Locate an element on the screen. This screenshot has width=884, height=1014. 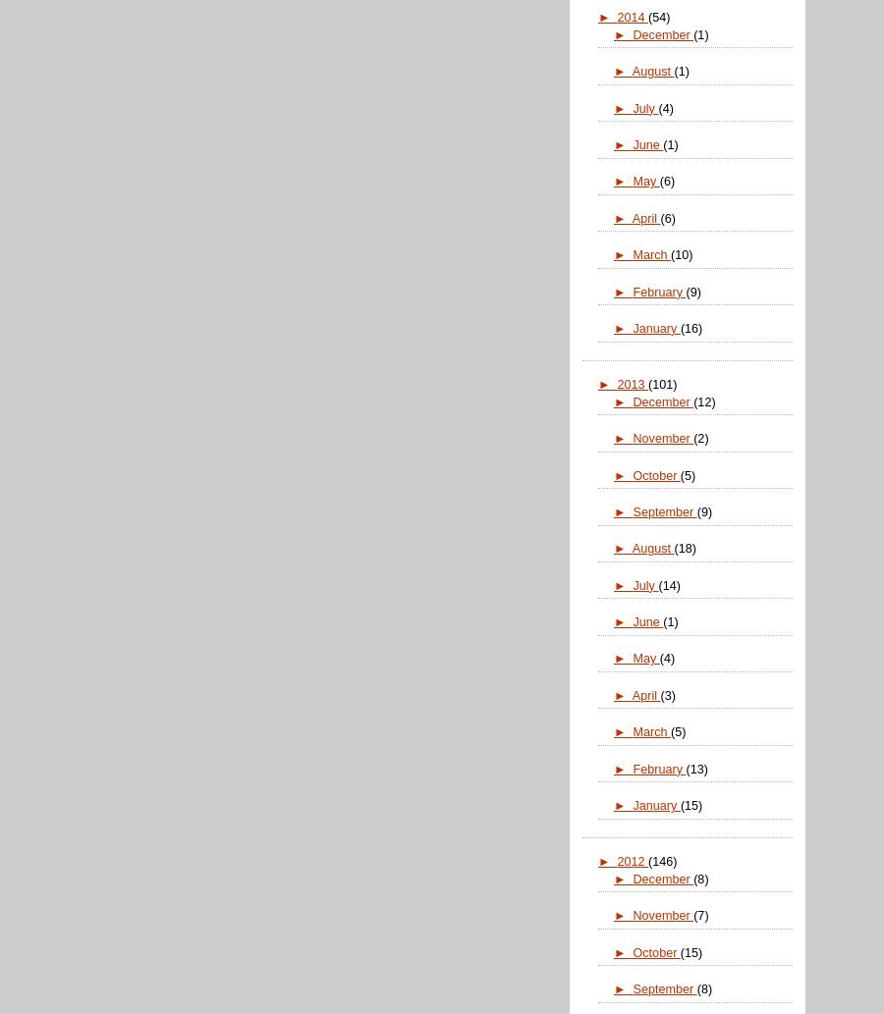
'2013' is located at coordinates (633, 385).